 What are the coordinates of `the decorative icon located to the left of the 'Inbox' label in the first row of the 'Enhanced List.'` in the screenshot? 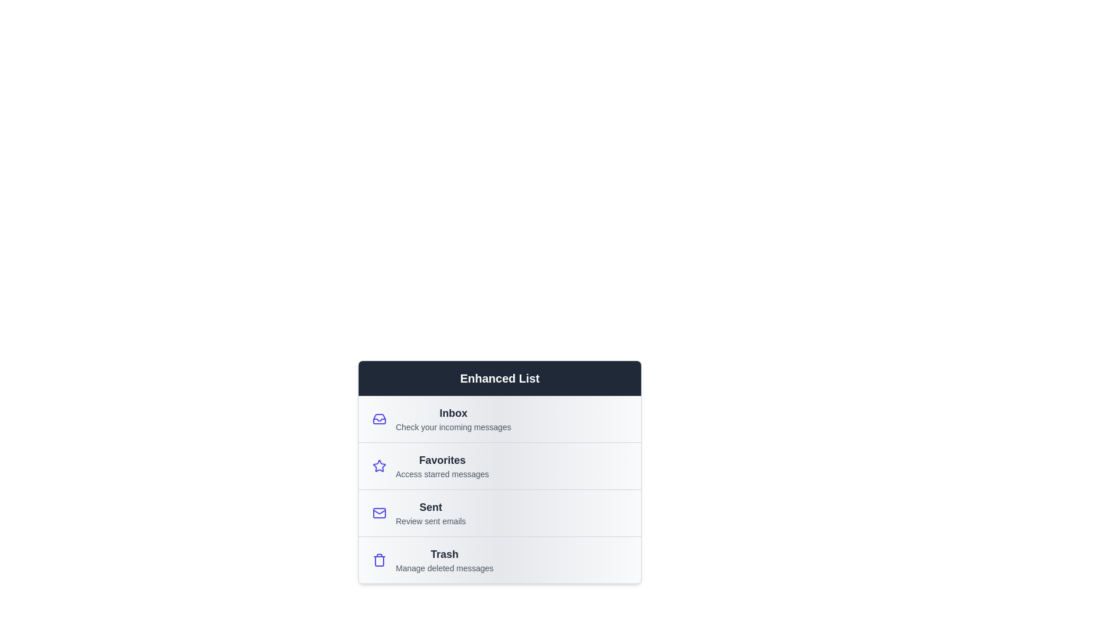 It's located at (379, 419).